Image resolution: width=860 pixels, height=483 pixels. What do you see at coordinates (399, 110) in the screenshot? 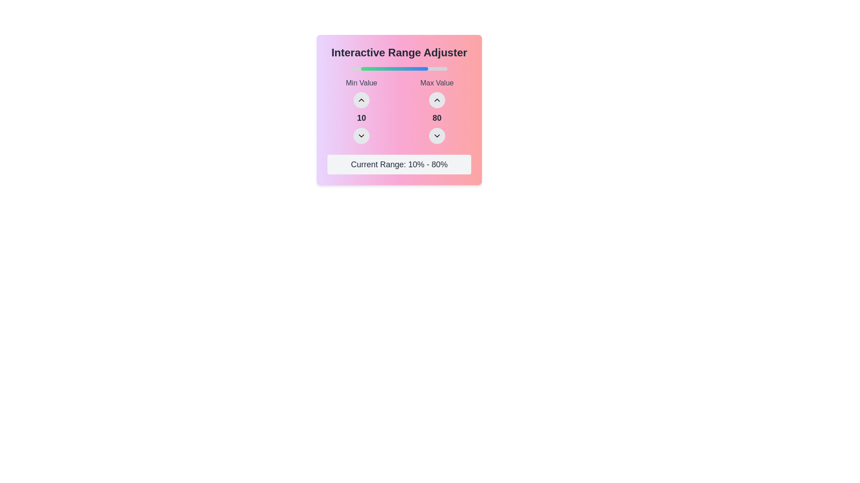
I see `the numerical controls and adjustment buttons in the grid layout for setting minimum and maximum values, located below the title 'Interactive Range Adjuster'` at bounding box center [399, 110].